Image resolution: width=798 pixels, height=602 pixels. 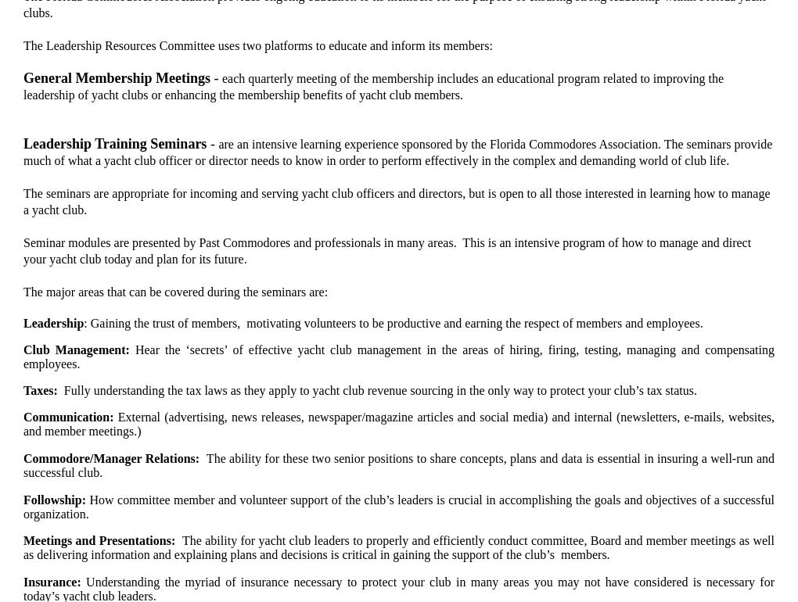 I want to click on 'Meetings and Presentations:', so click(x=102, y=539).